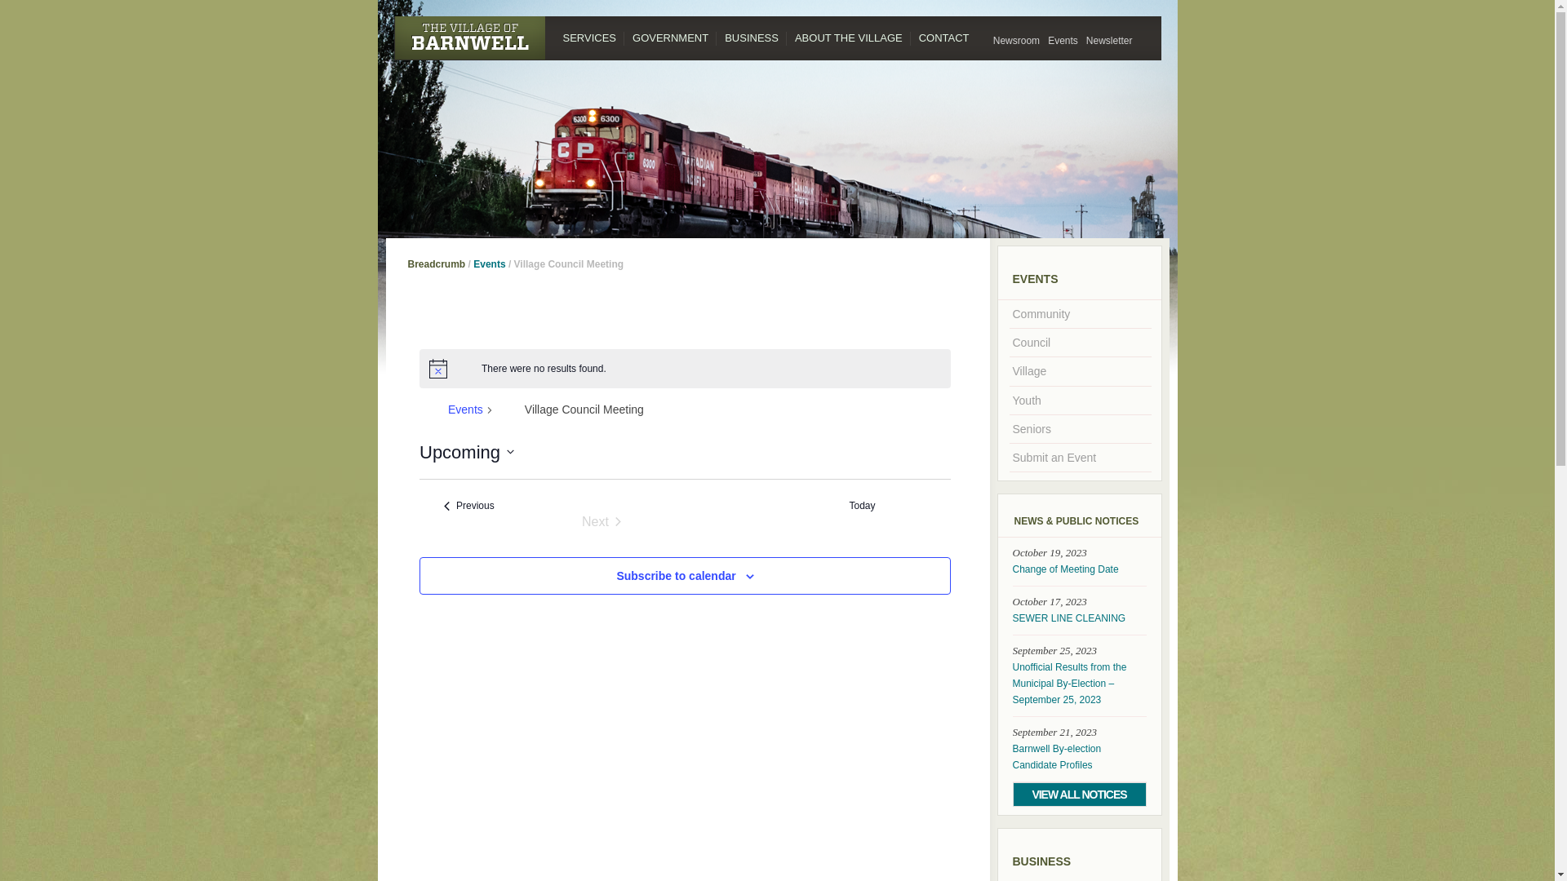 The image size is (1567, 881). What do you see at coordinates (1078, 314) in the screenshot?
I see `'Community'` at bounding box center [1078, 314].